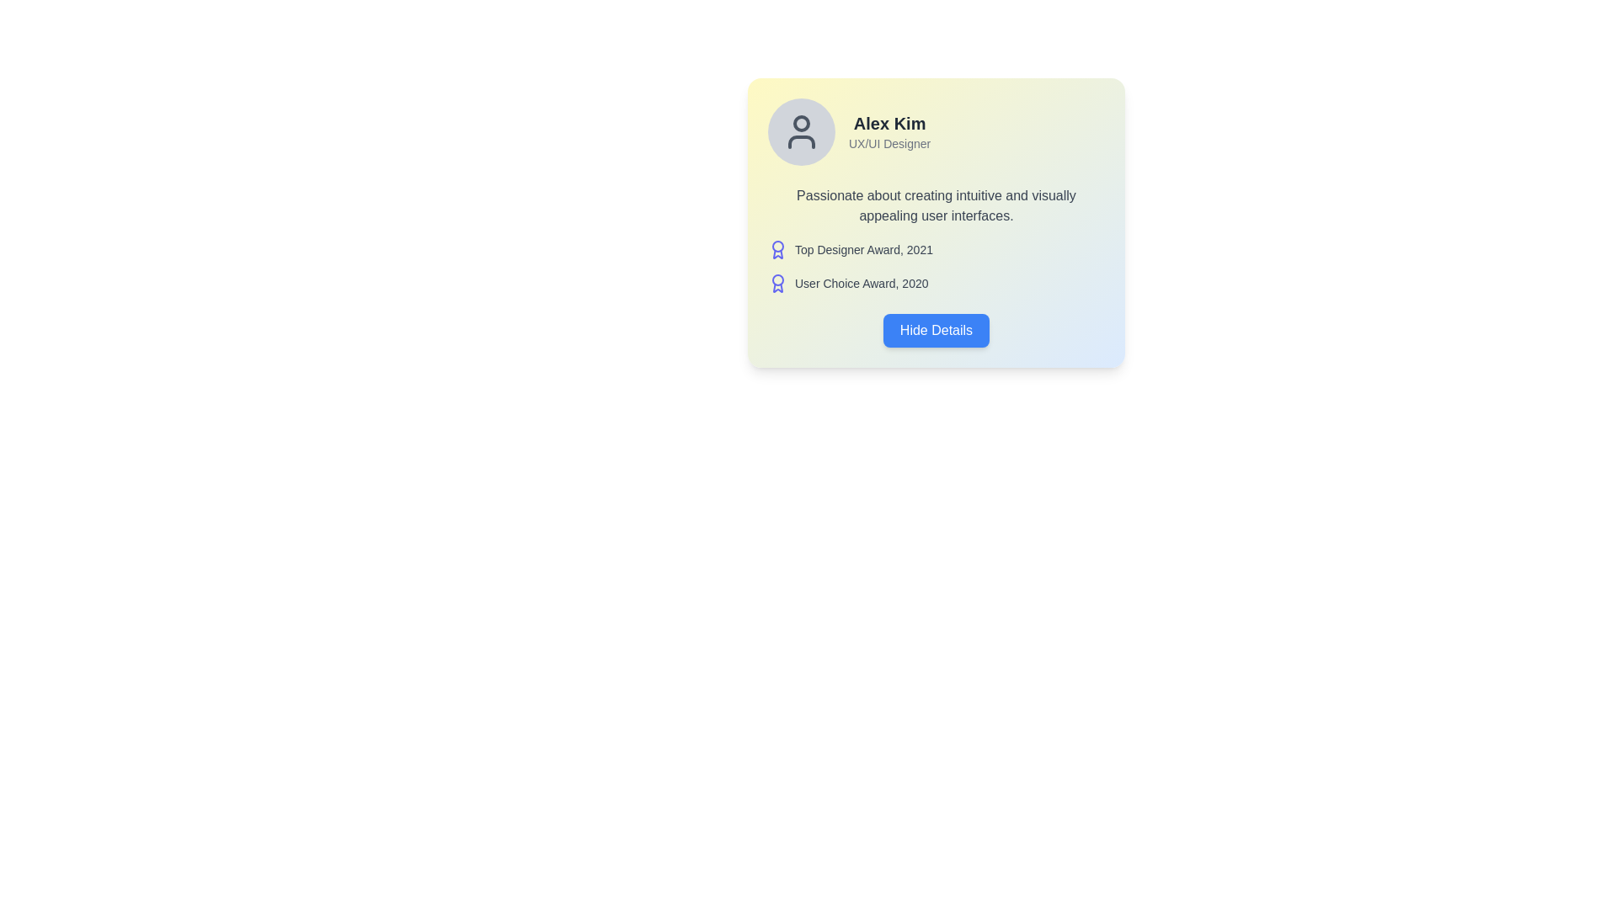  Describe the element at coordinates (800, 131) in the screenshot. I see `the profile image placeholder located at the top-left of the profile card layout, which visually identifies the user` at that location.